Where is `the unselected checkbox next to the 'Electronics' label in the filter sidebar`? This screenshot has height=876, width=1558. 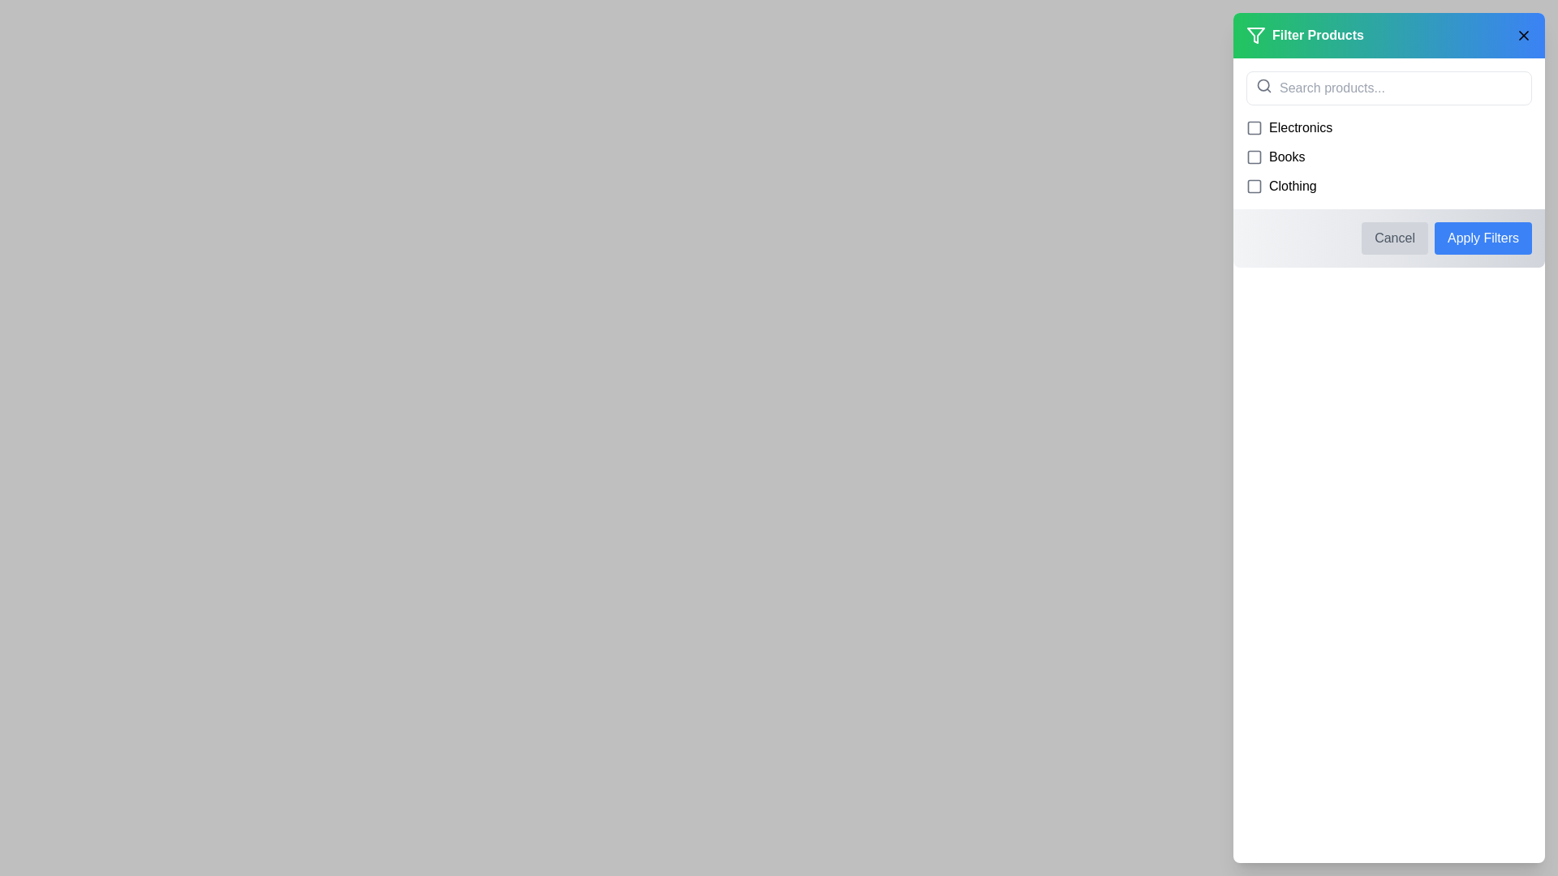
the unselected checkbox next to the 'Electronics' label in the filter sidebar is located at coordinates (1253, 127).